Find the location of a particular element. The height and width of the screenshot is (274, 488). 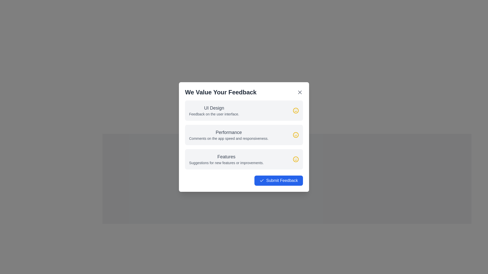

the heading text that reads 'We Value Your Feedback,' which is styled in bold and dark gray, located at the top of the modal interface is located at coordinates (221, 92).